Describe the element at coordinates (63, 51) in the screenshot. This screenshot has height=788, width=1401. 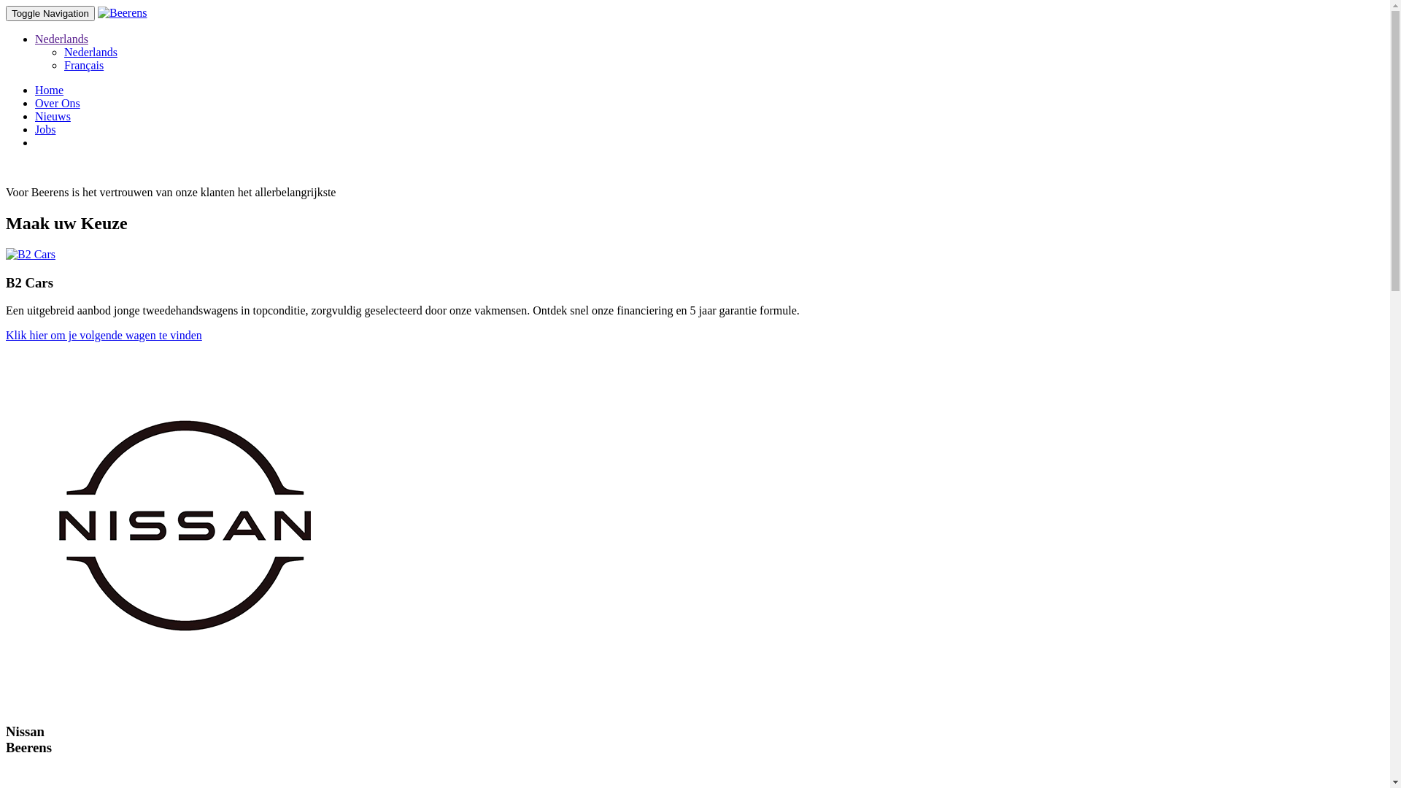
I see `'Nederlands'` at that location.